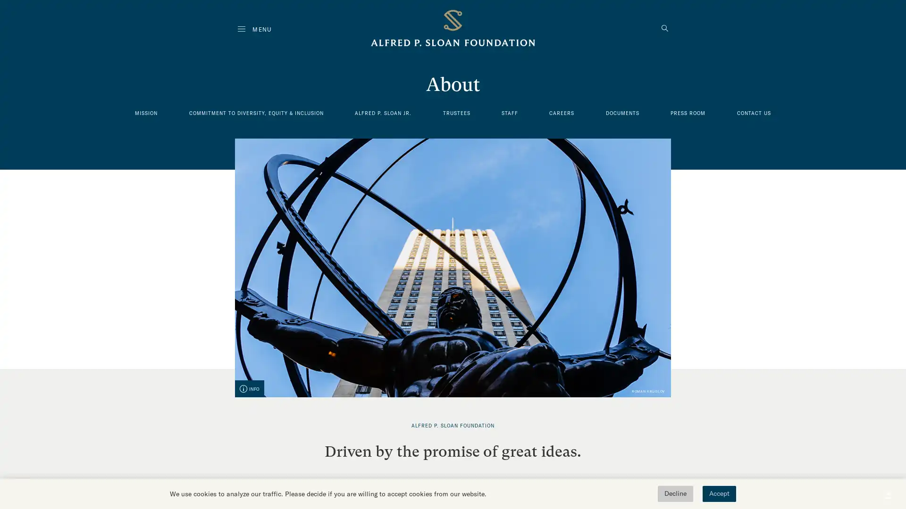 Image resolution: width=906 pixels, height=509 pixels. What do you see at coordinates (664, 29) in the screenshot?
I see `Click to search the website` at bounding box center [664, 29].